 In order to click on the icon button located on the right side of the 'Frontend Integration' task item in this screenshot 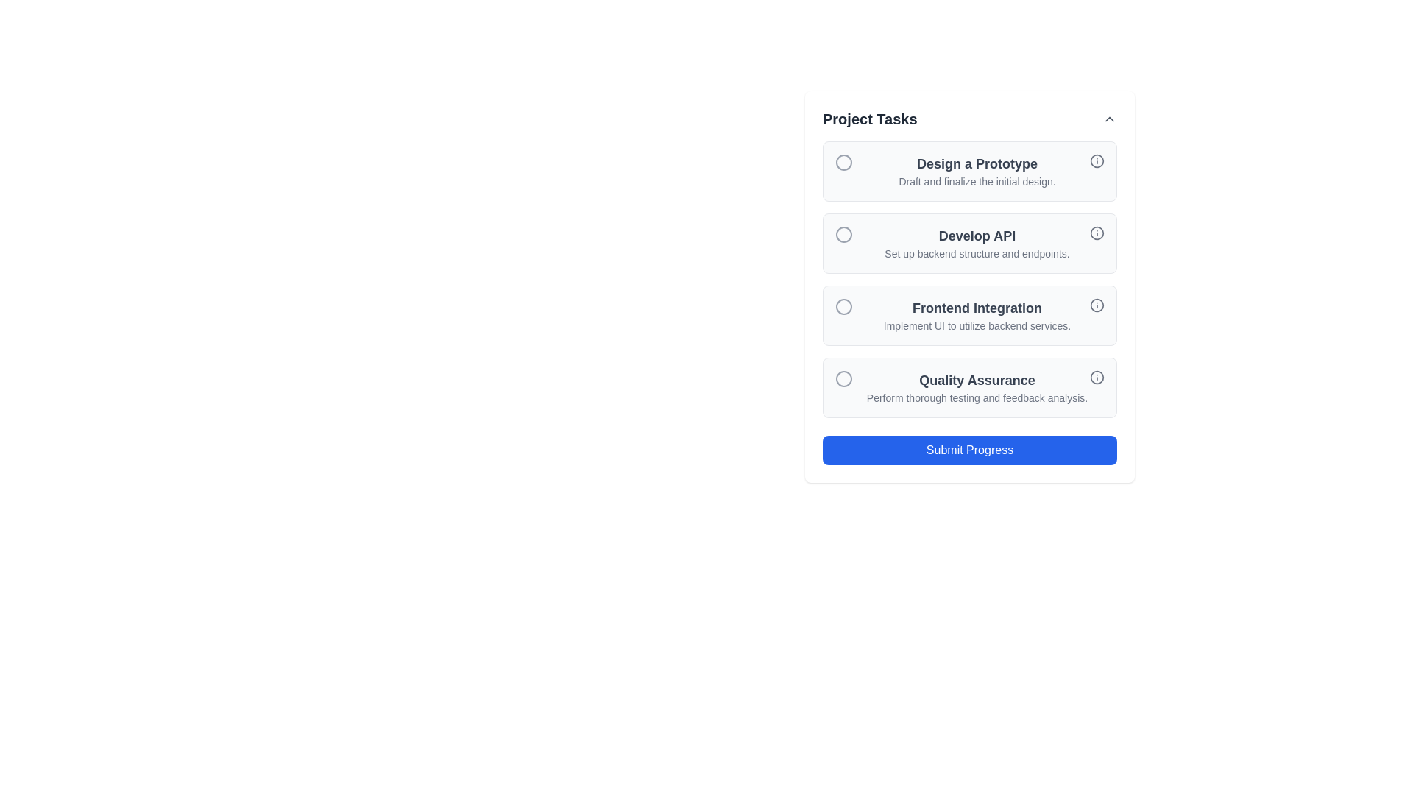, I will do `click(1097, 305)`.